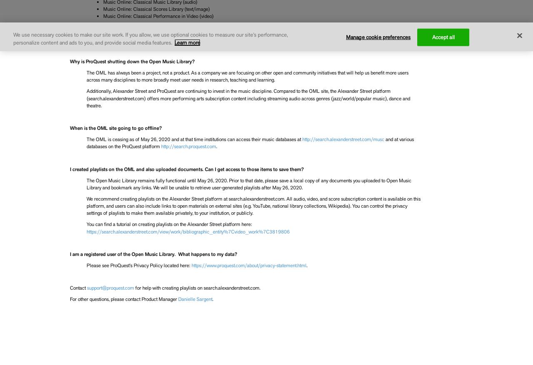  Describe the element at coordinates (168, 224) in the screenshot. I see `'You can find a tutorial on creating playlists on the Alexander Street platform here:'` at that location.